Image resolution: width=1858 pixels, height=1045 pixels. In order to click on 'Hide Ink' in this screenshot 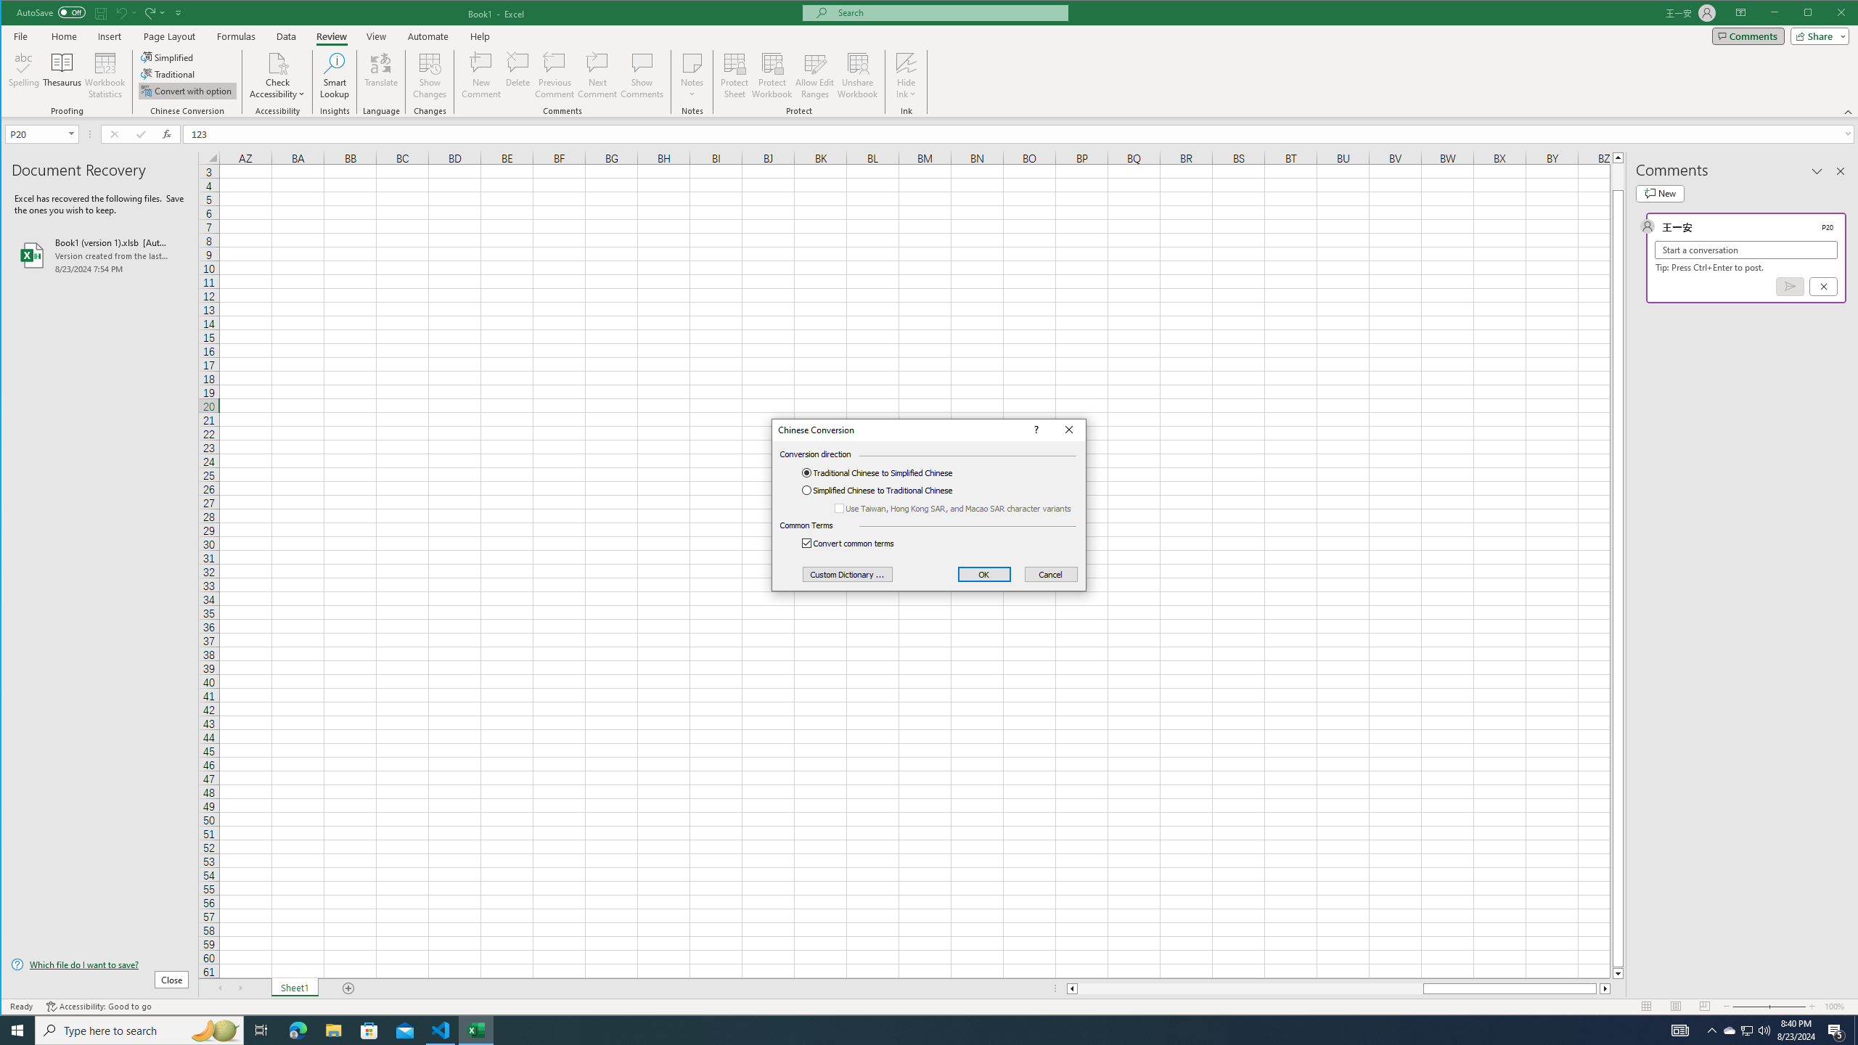, I will do `click(906, 75)`.